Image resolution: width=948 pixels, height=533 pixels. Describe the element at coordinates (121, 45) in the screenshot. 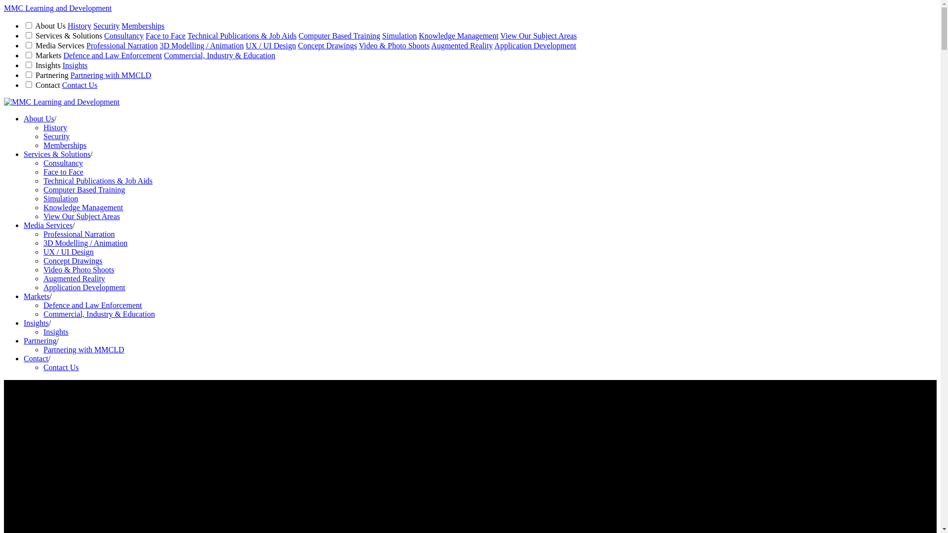

I see `'Professional Narration'` at that location.